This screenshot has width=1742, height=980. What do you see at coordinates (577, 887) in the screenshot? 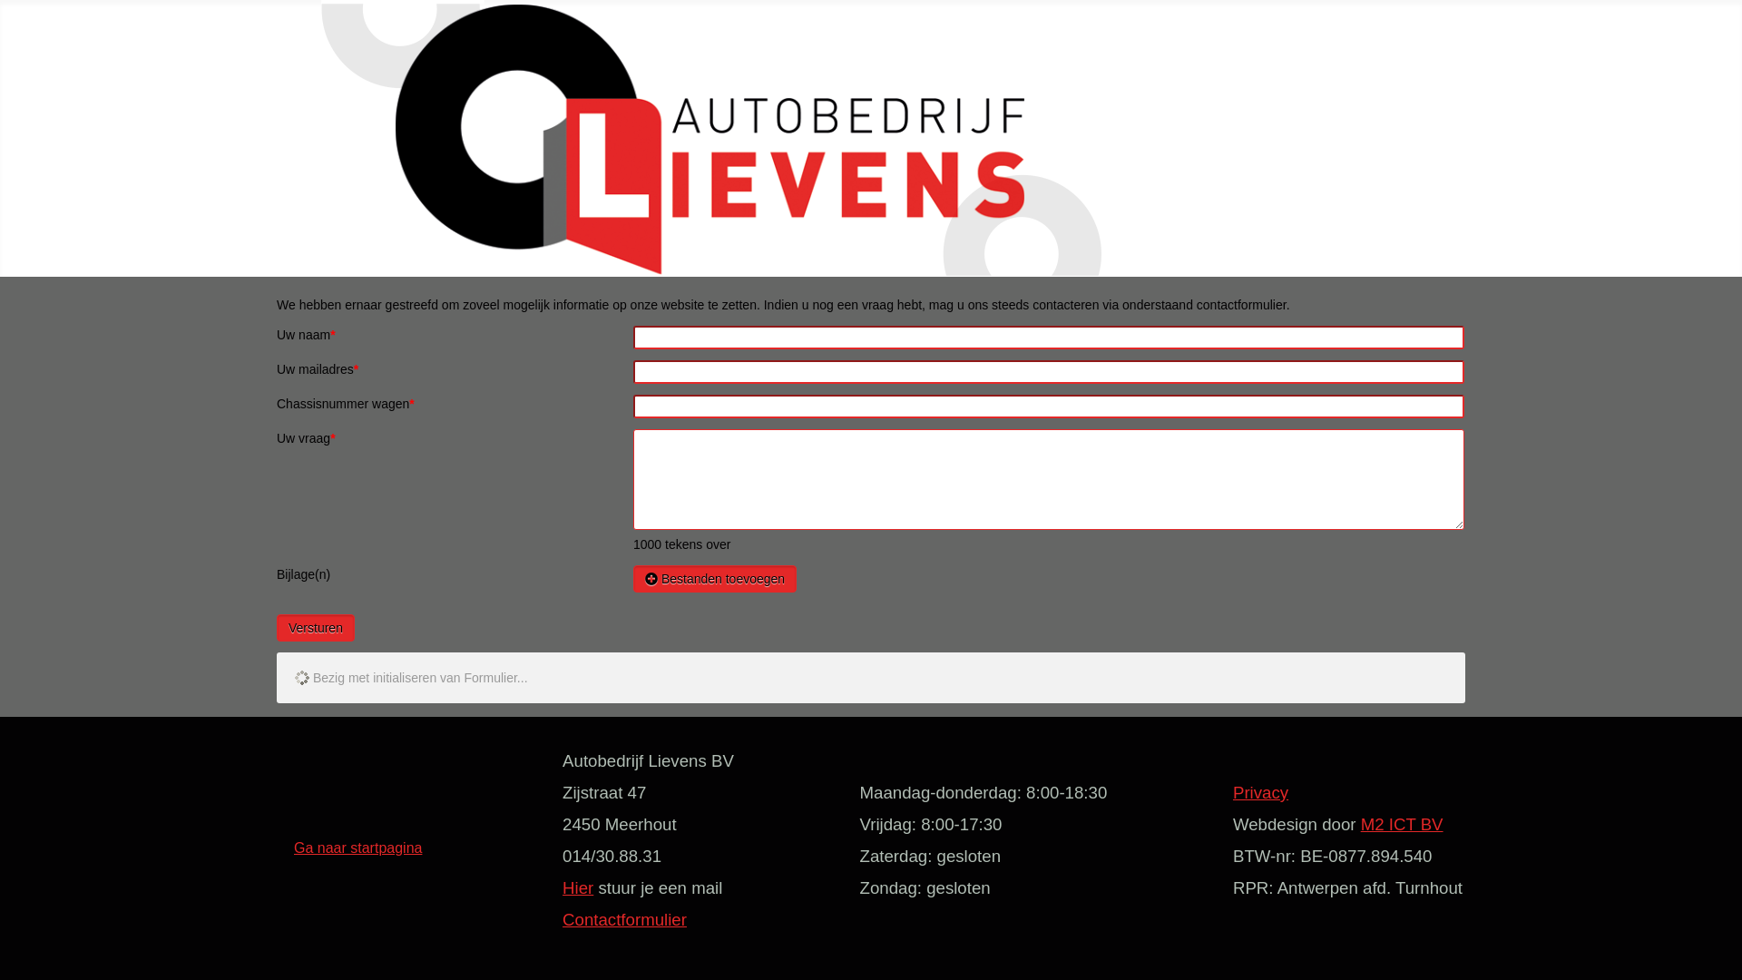
I see `'Hier'` at bounding box center [577, 887].